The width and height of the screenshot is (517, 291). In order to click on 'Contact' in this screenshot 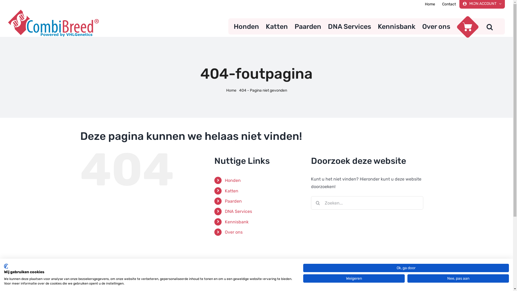, I will do `click(438, 4)`.